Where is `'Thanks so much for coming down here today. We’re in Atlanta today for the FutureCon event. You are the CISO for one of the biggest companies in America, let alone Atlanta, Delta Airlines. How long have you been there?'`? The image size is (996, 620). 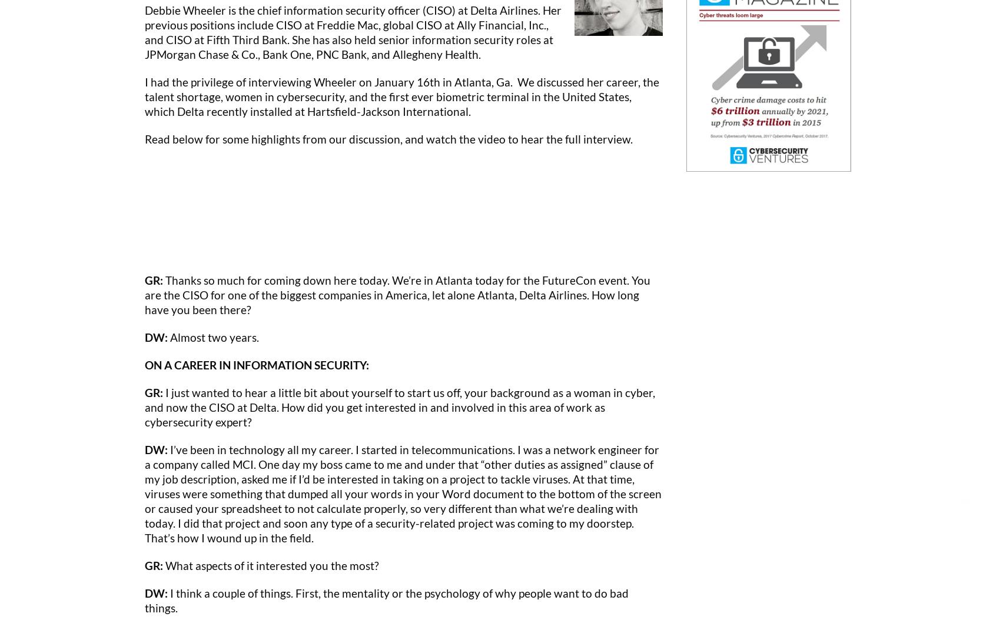 'Thanks so much for coming down here today. We’re in Atlanta today for the FutureCon event. You are the CISO for one of the biggest companies in America, let alone Atlanta, Delta Airlines. How long have you been there?' is located at coordinates (397, 294).